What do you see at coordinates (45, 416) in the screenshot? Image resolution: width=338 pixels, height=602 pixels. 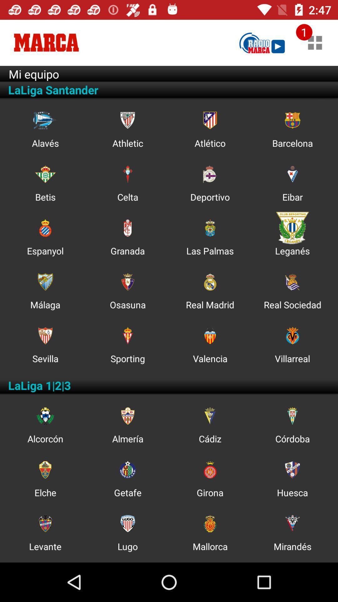 I see `the image above alcorcon` at bounding box center [45, 416].